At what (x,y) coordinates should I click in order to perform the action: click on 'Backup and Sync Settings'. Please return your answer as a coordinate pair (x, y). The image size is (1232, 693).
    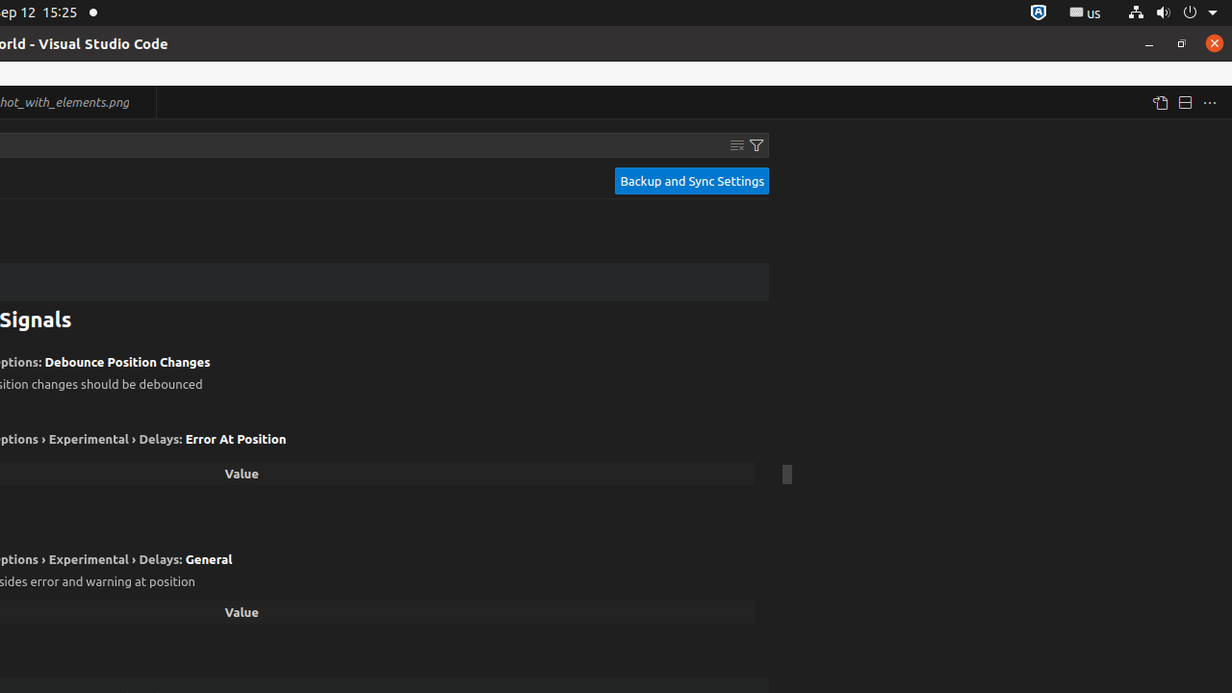
    Looking at the image, I should click on (691, 180).